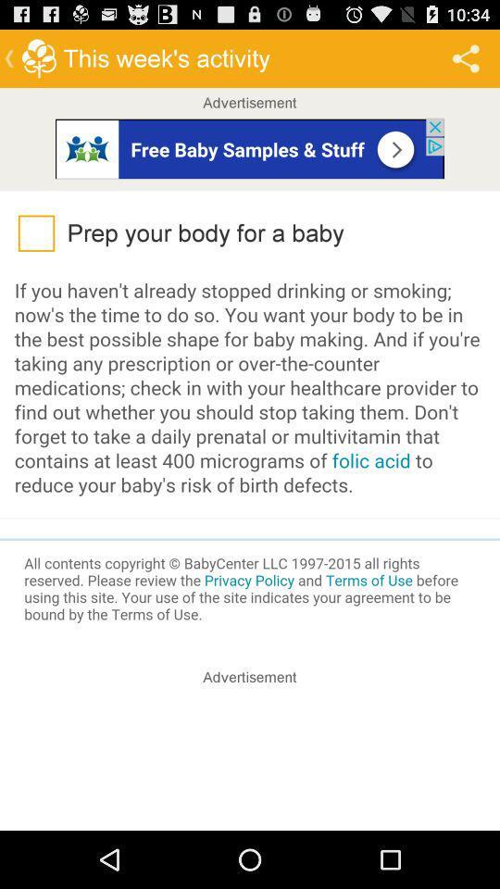 This screenshot has height=889, width=500. I want to click on website, so click(250, 146).